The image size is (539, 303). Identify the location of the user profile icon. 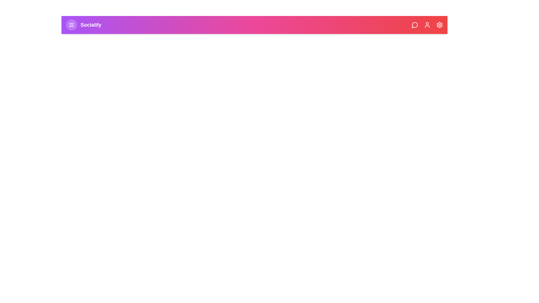
(427, 24).